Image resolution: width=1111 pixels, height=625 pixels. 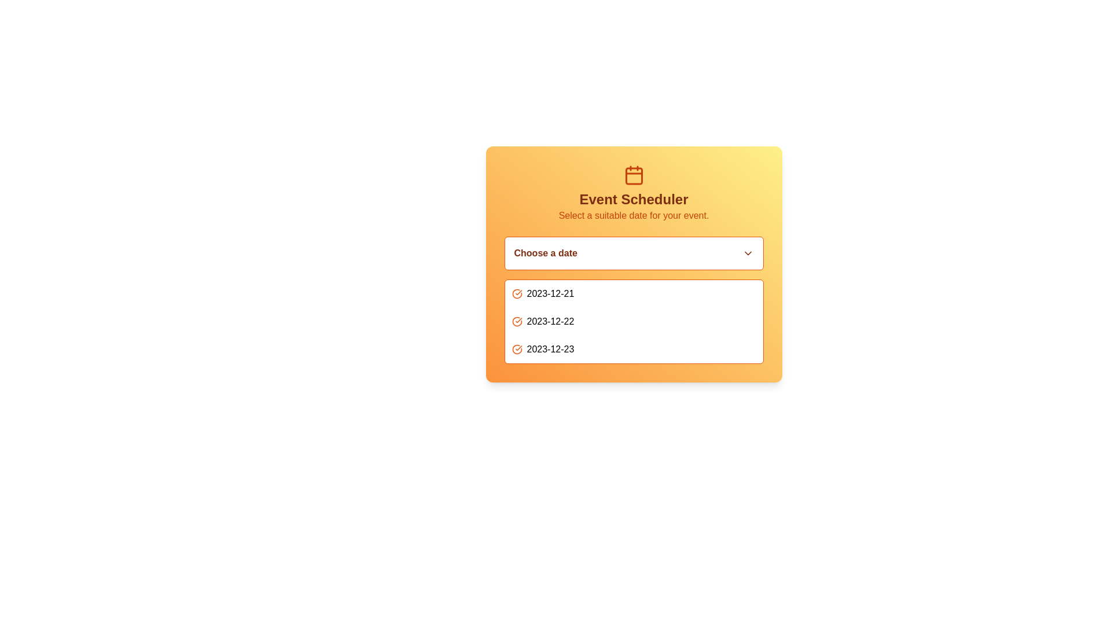 I want to click on the text label that instructs users to interact with the dropdown menu for date selection, located on the left side of the dropdown menu in the date selection interface, so click(x=545, y=253).